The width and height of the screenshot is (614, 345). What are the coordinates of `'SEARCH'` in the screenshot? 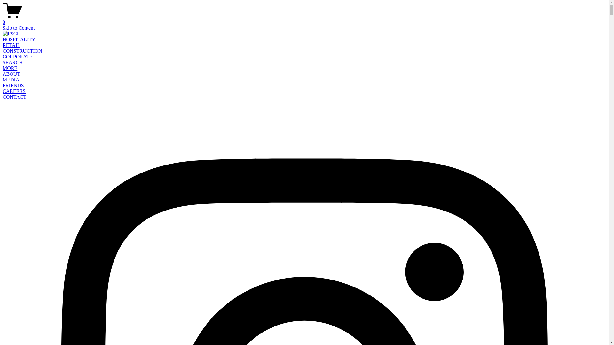 It's located at (12, 62).